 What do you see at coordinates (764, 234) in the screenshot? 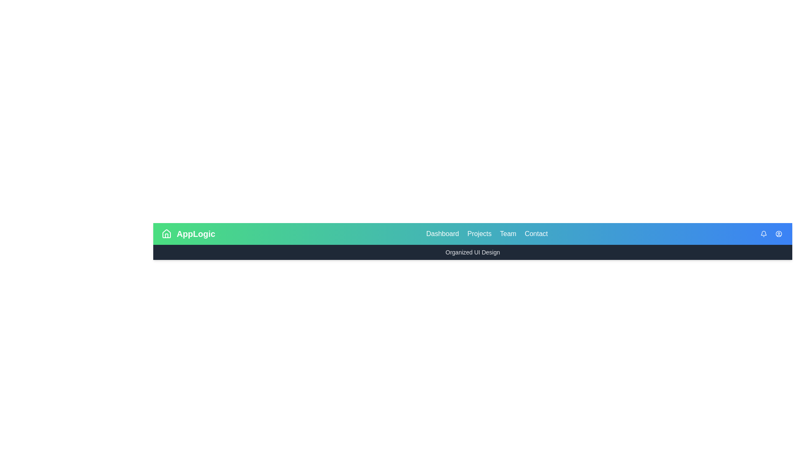
I see `the utility icon bell` at bounding box center [764, 234].